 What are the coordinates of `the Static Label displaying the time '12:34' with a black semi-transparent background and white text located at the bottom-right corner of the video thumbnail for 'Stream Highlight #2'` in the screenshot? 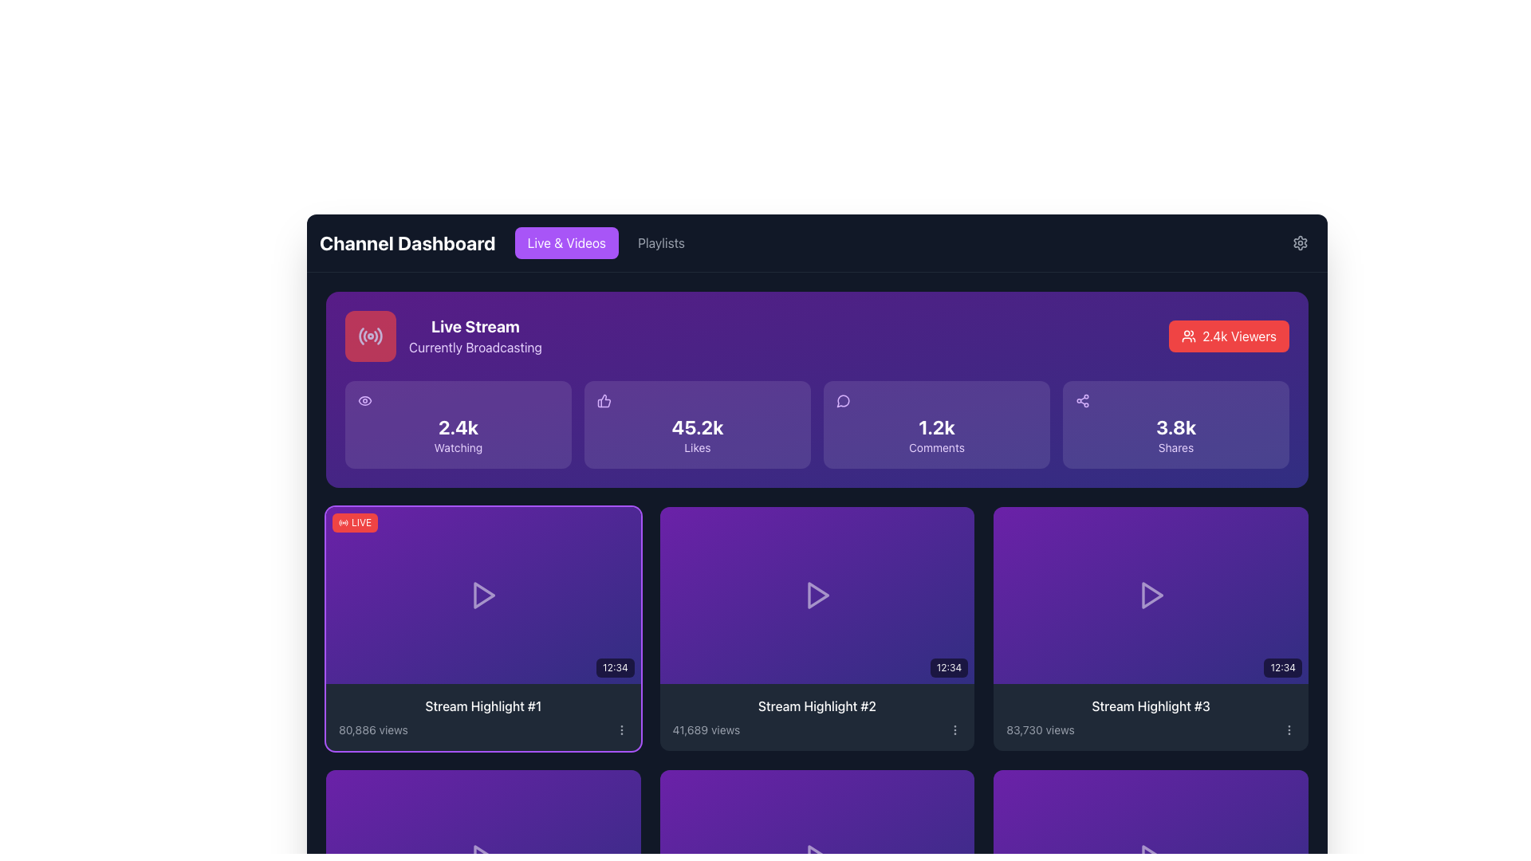 It's located at (949, 667).